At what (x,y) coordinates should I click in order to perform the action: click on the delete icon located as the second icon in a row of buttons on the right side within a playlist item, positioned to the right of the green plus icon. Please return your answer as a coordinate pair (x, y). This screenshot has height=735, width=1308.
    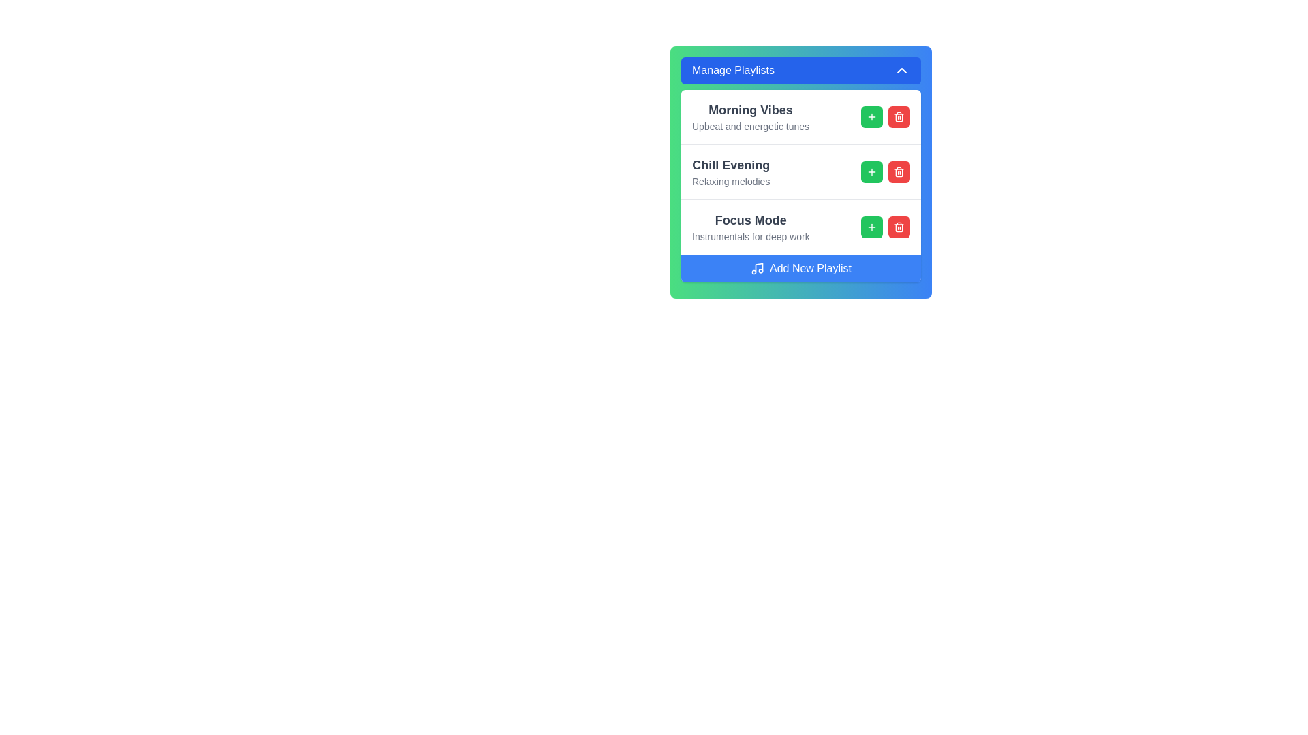
    Looking at the image, I should click on (899, 227).